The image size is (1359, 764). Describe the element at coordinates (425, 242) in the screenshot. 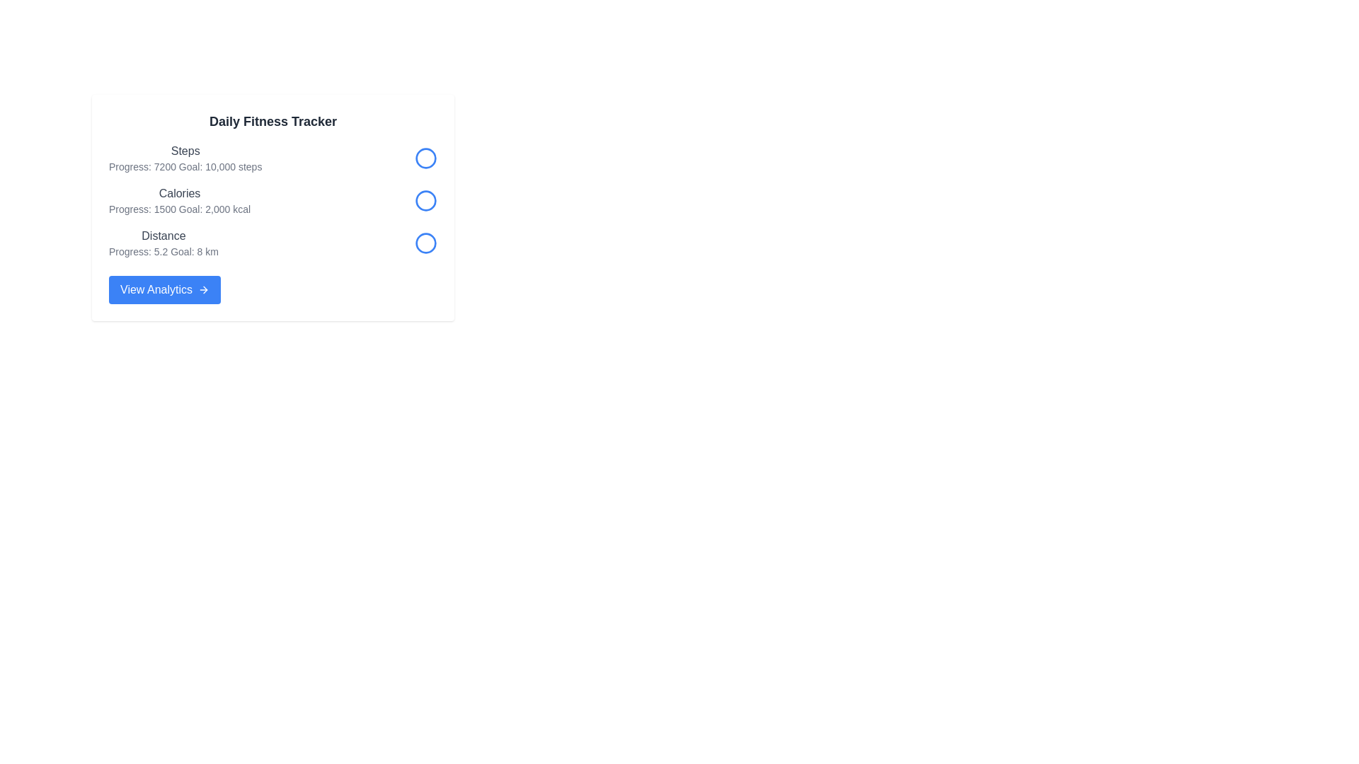

I see `the Circle indicator related to the 'Distance' metric in the fitness tracker, which is the third circle in a vertical sequence to the right of the 'Steps' and 'Calories' labels` at that location.